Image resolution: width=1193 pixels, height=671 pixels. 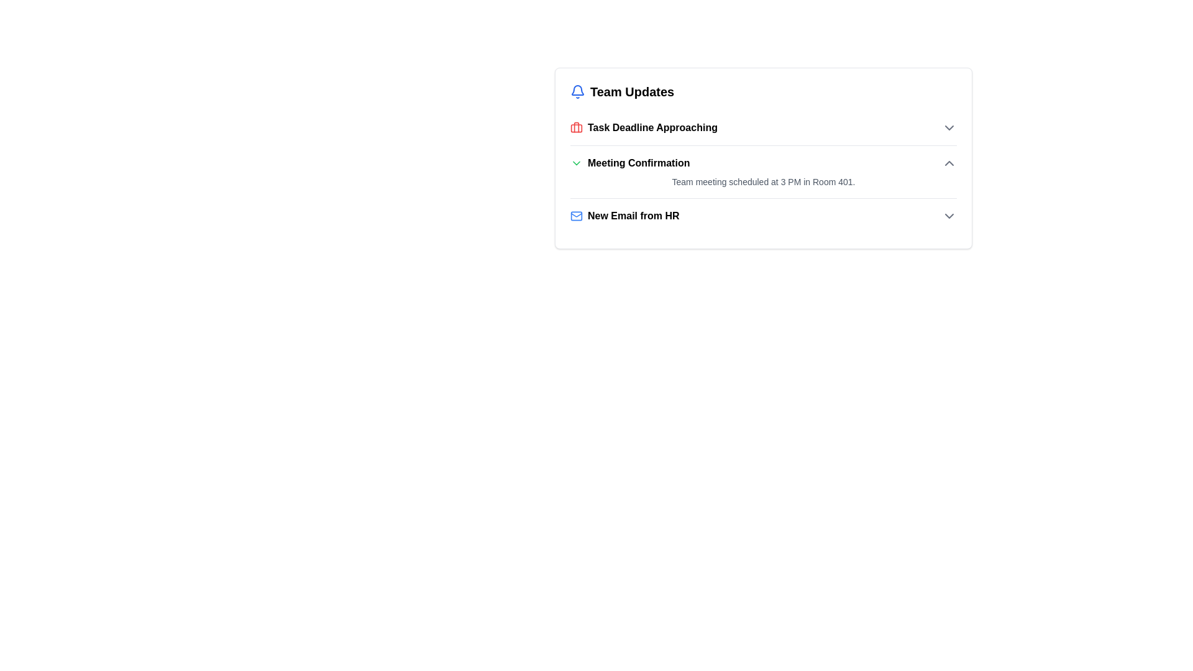 I want to click on the text label displaying 'New Email from HR' located in the bottom section of the 'Team Updates' list, positioned to the right of the email icon, so click(x=633, y=215).